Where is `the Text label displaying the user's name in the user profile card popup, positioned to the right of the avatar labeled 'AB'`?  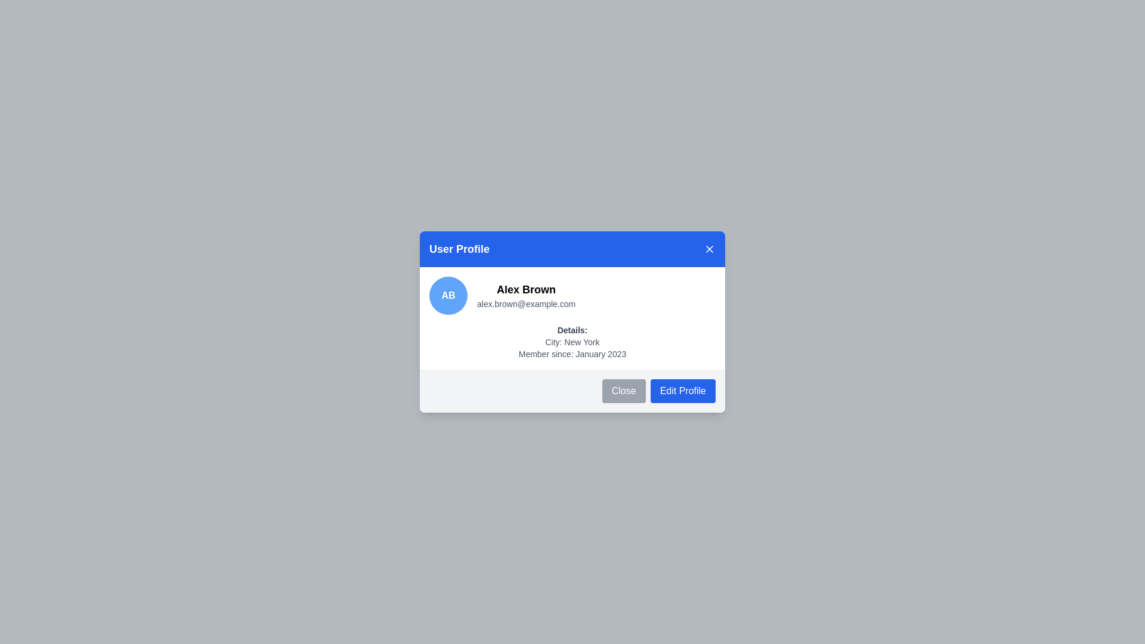 the Text label displaying the user's name in the user profile card popup, positioned to the right of the avatar labeled 'AB' is located at coordinates (525, 290).